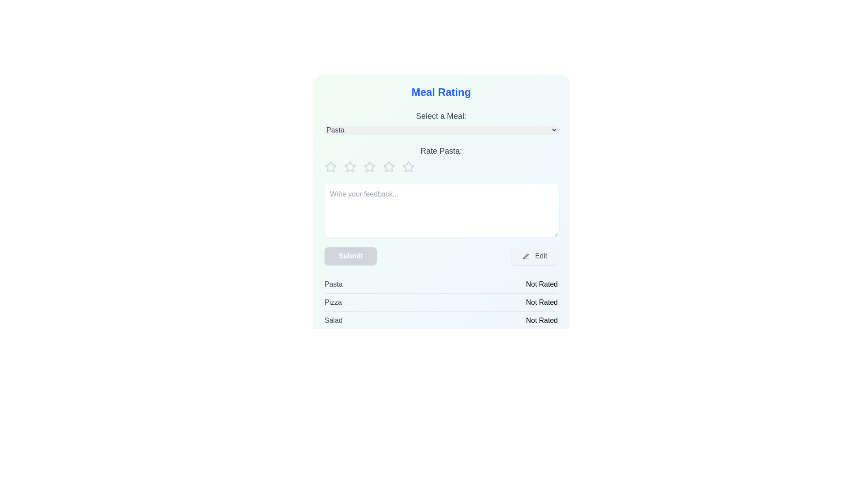 The width and height of the screenshot is (848, 477). What do you see at coordinates (388, 167) in the screenshot?
I see `on the second star icon in the 'Rate Pasta' subsection` at bounding box center [388, 167].